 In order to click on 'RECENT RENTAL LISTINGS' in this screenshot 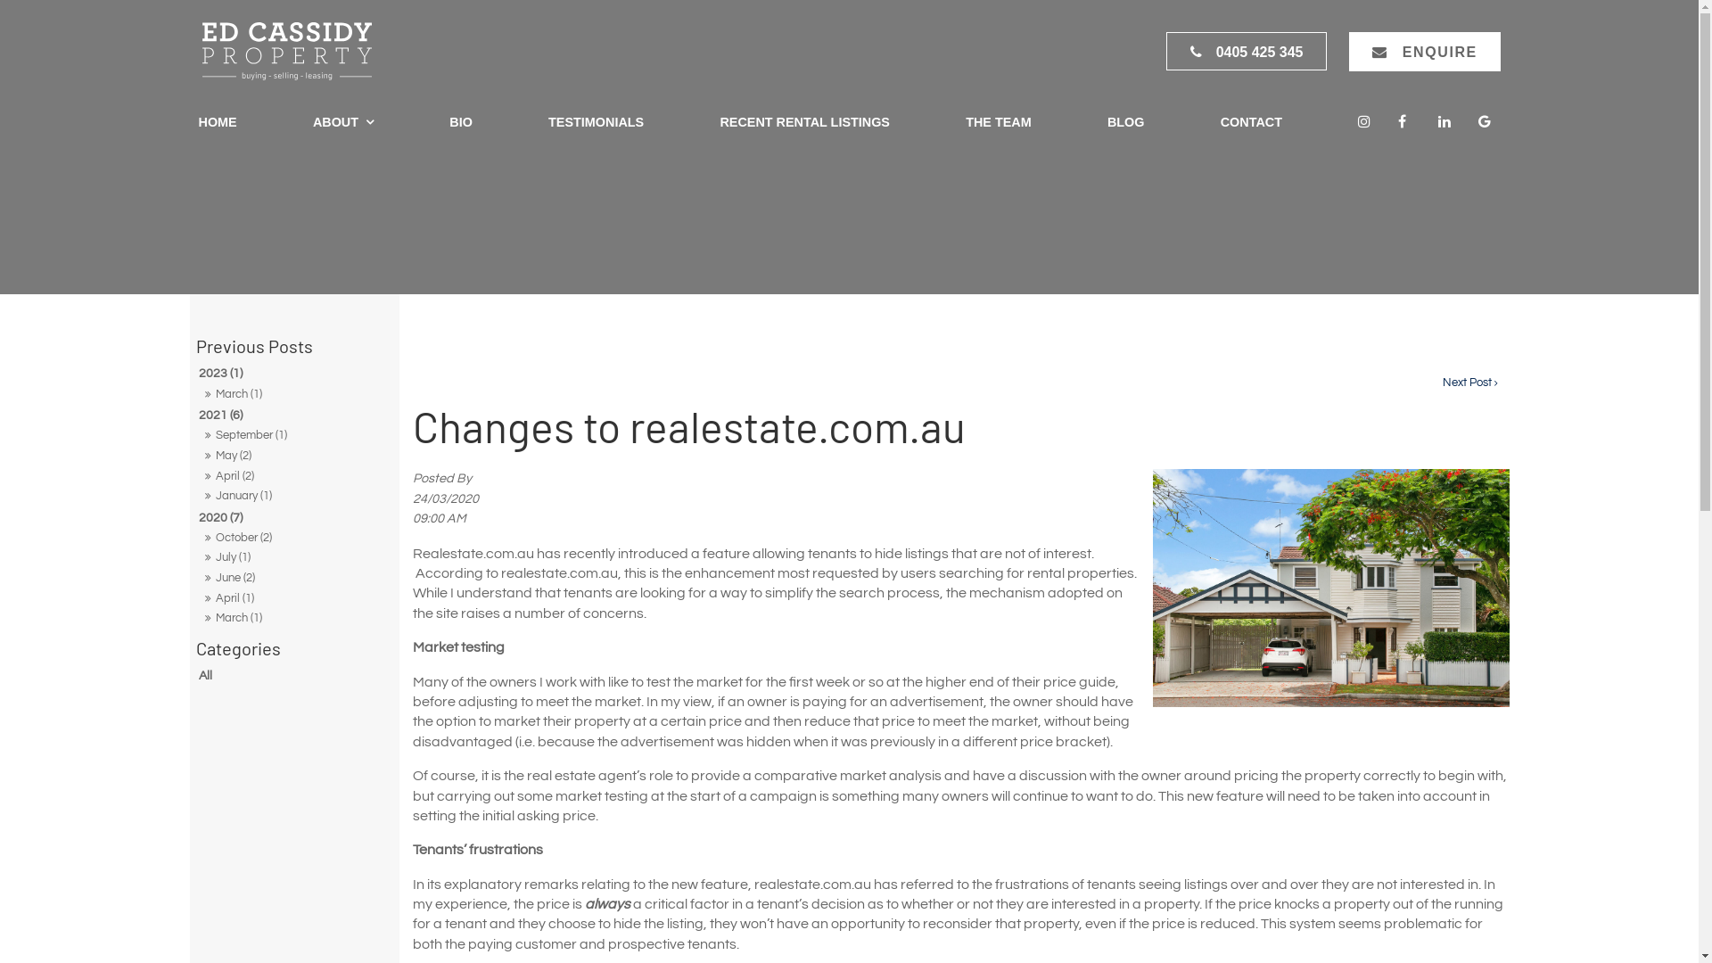, I will do `click(803, 122)`.